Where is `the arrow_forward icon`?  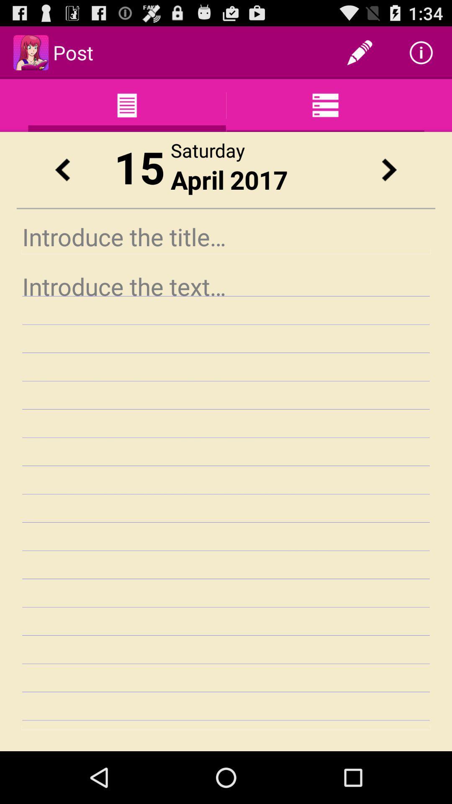
the arrow_forward icon is located at coordinates (389, 181).